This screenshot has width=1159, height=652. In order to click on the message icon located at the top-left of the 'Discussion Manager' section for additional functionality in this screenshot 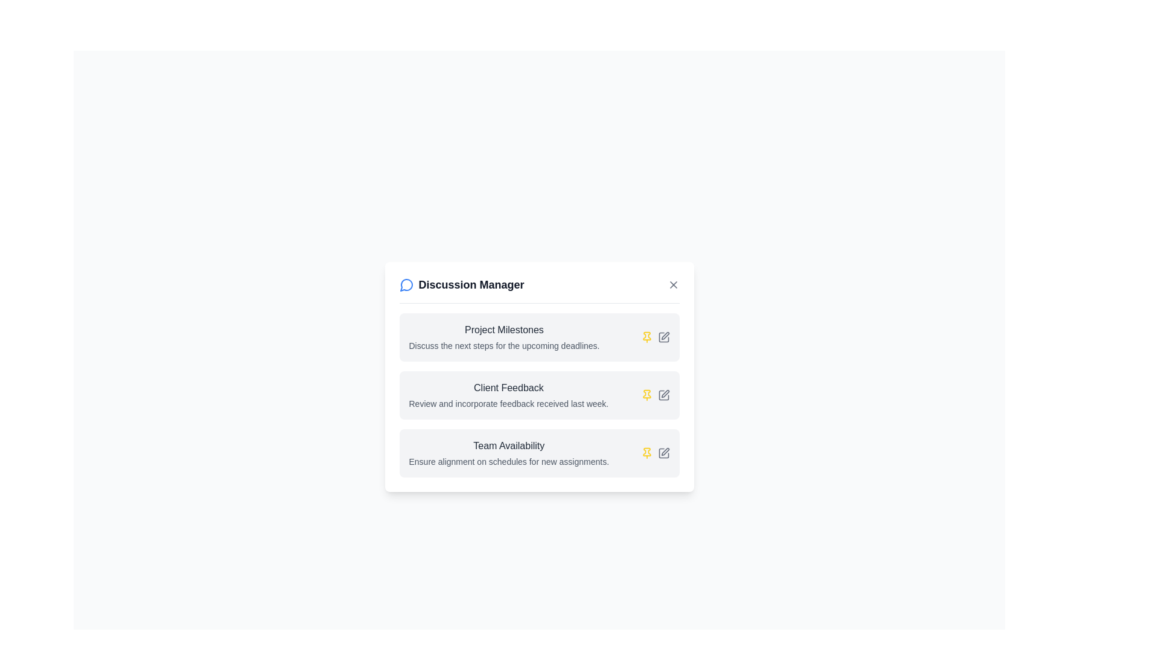, I will do `click(406, 284)`.